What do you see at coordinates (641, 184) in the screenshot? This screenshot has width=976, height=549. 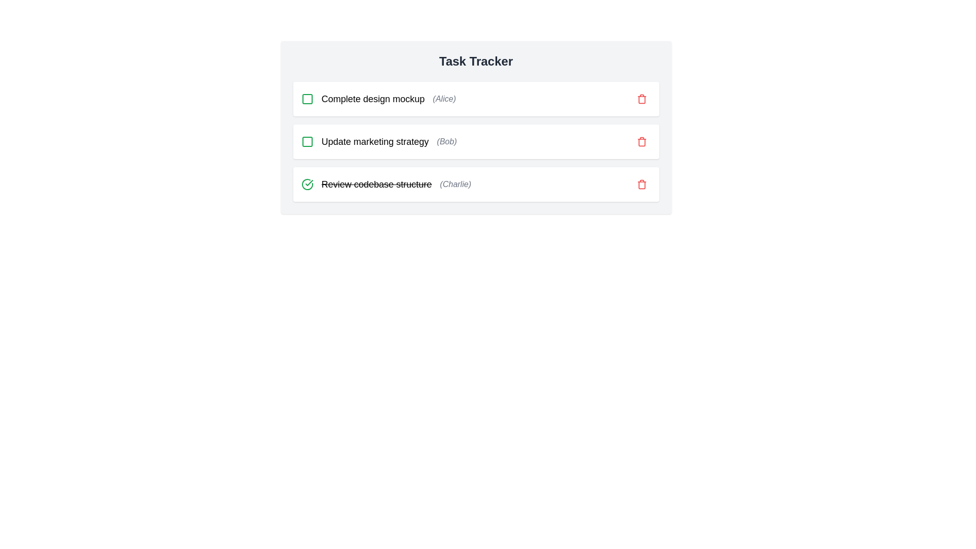 I see `the delete icon for the task identified by Review codebase structure` at bounding box center [641, 184].